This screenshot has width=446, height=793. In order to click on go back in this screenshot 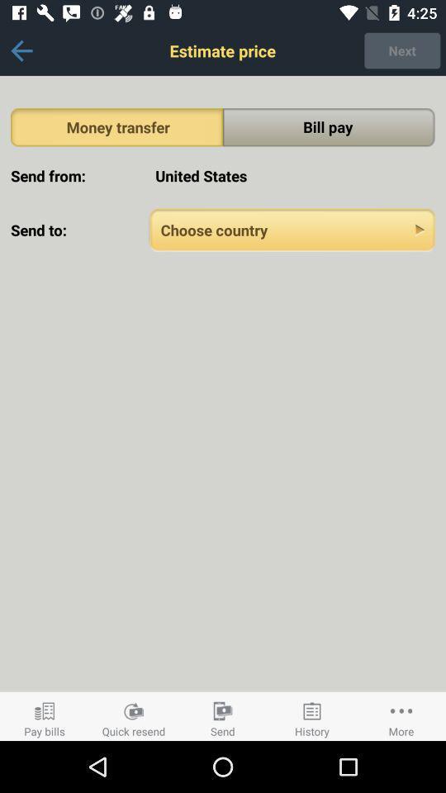, I will do `click(21, 50)`.